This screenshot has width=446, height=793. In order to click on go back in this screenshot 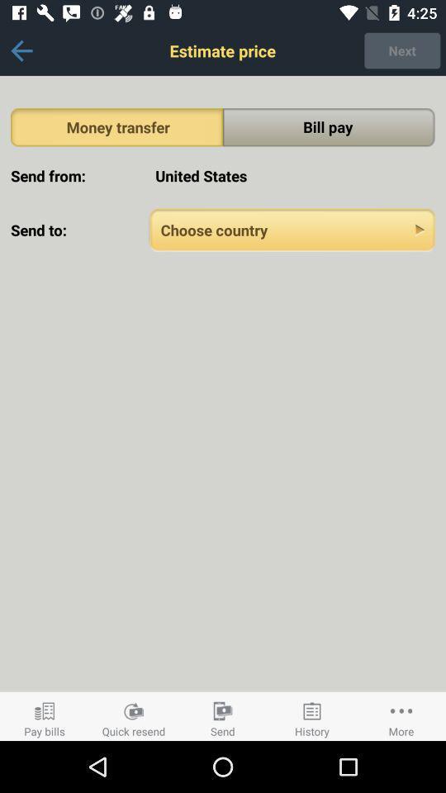, I will do `click(21, 50)`.